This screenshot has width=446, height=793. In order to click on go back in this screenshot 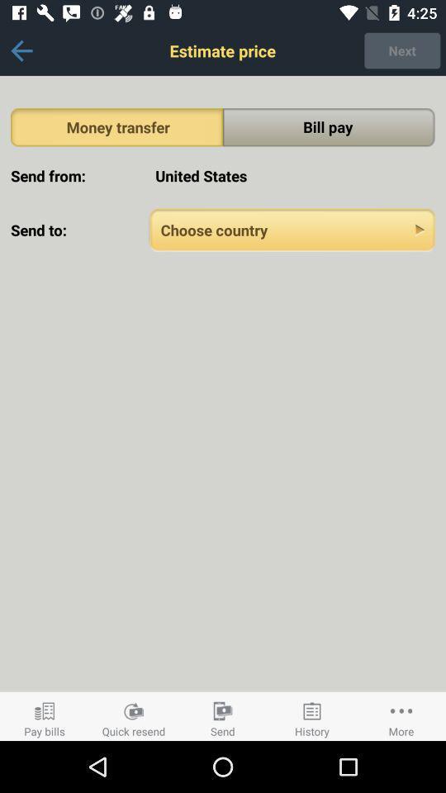, I will do `click(21, 50)`.